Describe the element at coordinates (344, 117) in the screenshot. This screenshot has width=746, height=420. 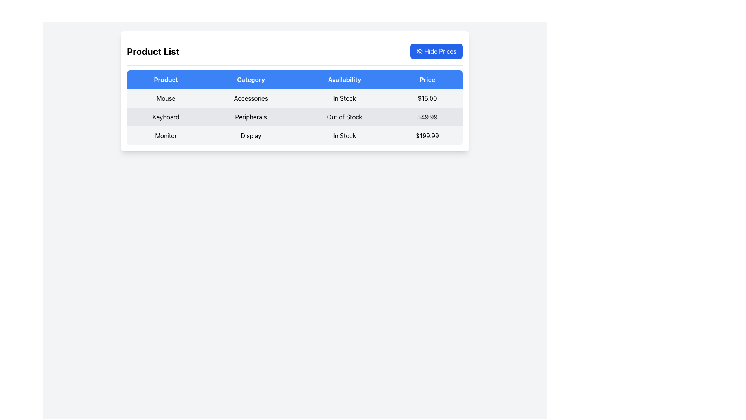
I see `static text label indicating the availability status of the 'Keyboard' item, which shows that it is out of stock` at that location.